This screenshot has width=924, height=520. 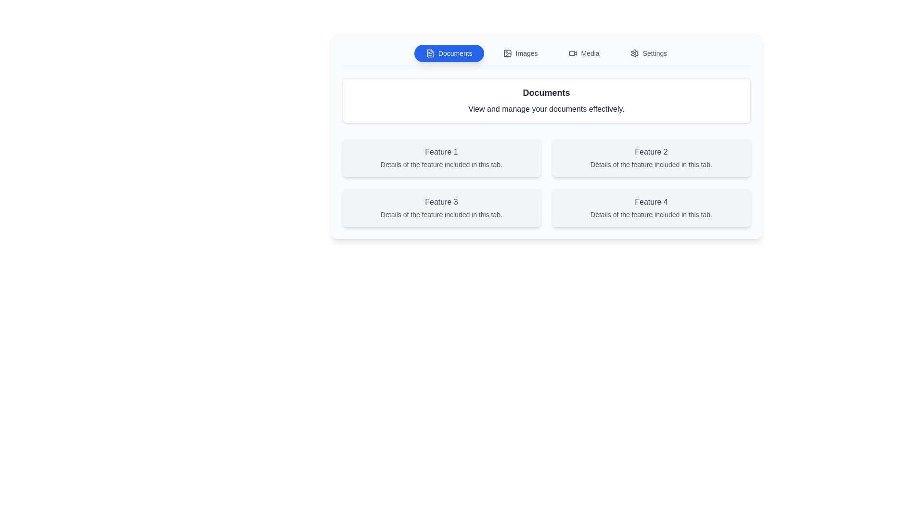 What do you see at coordinates (651, 164) in the screenshot?
I see `the text label displaying 'Details of the feature included in this tab.' located beneath 'Feature 2' in the upper right quadrant of the interface` at bounding box center [651, 164].